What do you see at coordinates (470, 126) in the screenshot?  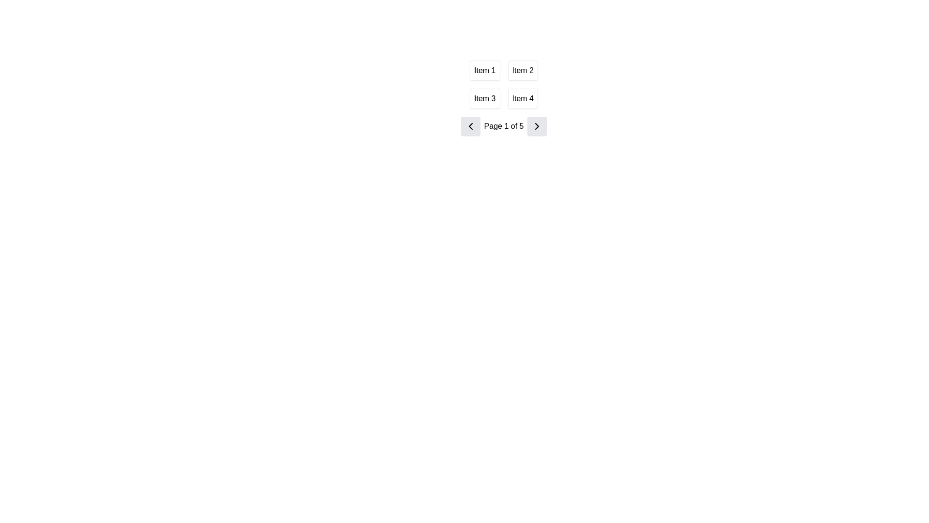 I see `the light gray button with a left-pointing chevron icon that is located to the left of 'Page 1 of 5'` at bounding box center [470, 126].